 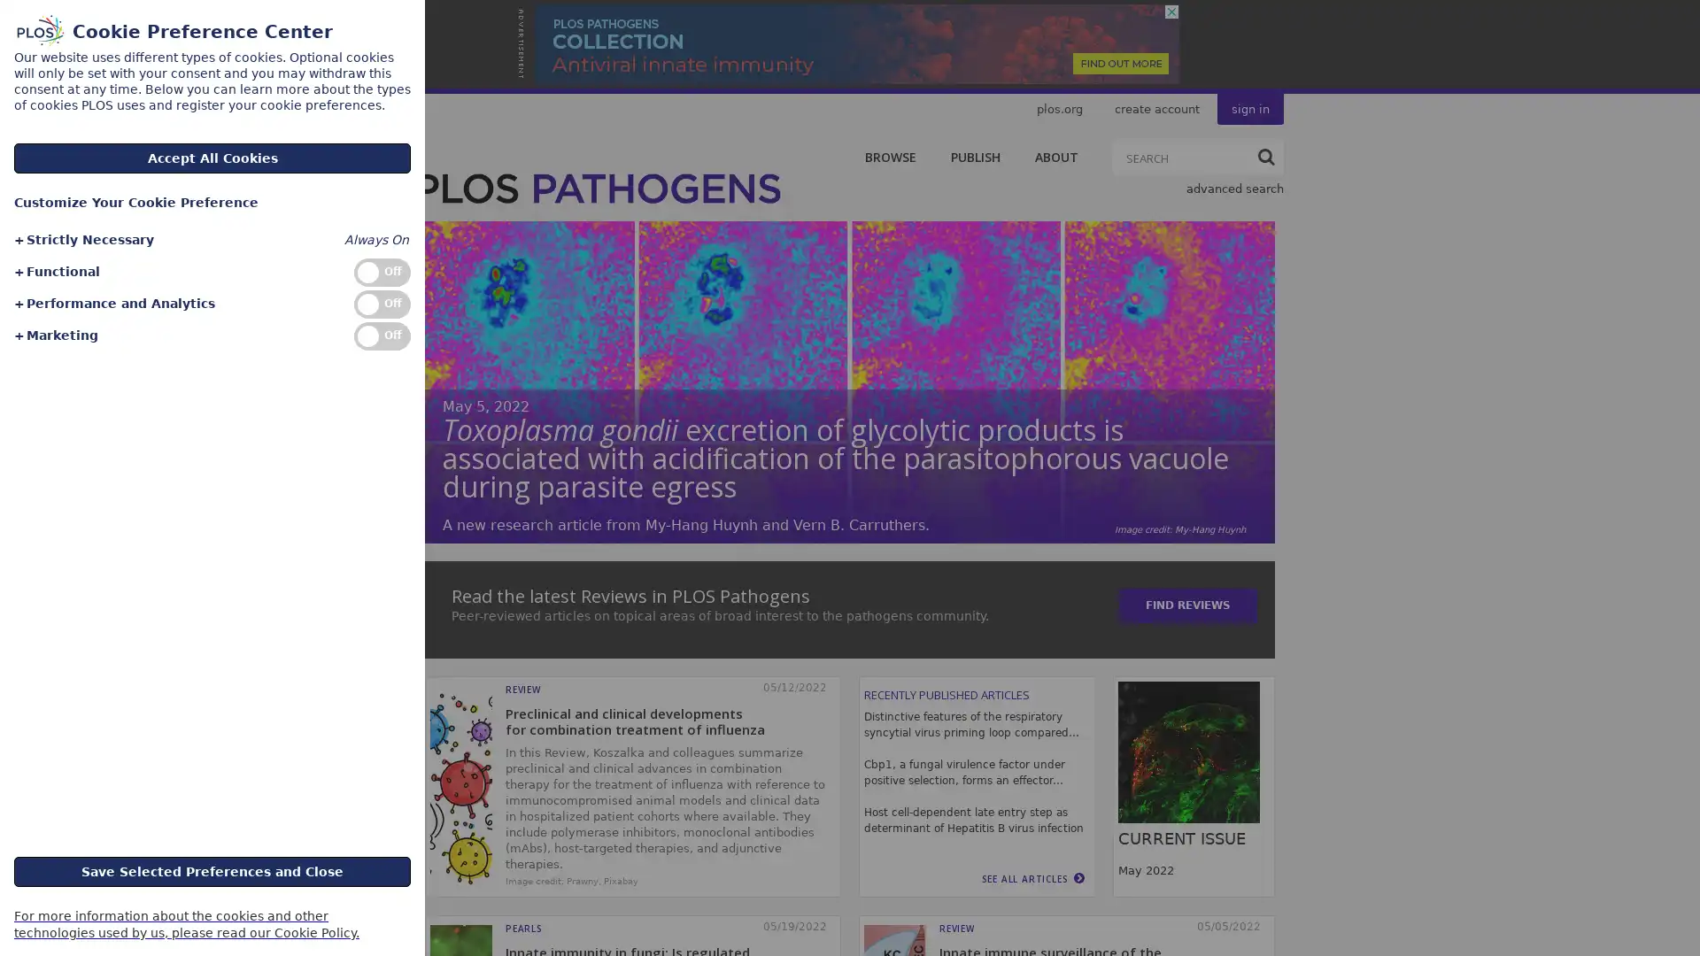 What do you see at coordinates (82, 240) in the screenshot?
I see `Toggle explanation of Strictly Necessary Cookies.` at bounding box center [82, 240].